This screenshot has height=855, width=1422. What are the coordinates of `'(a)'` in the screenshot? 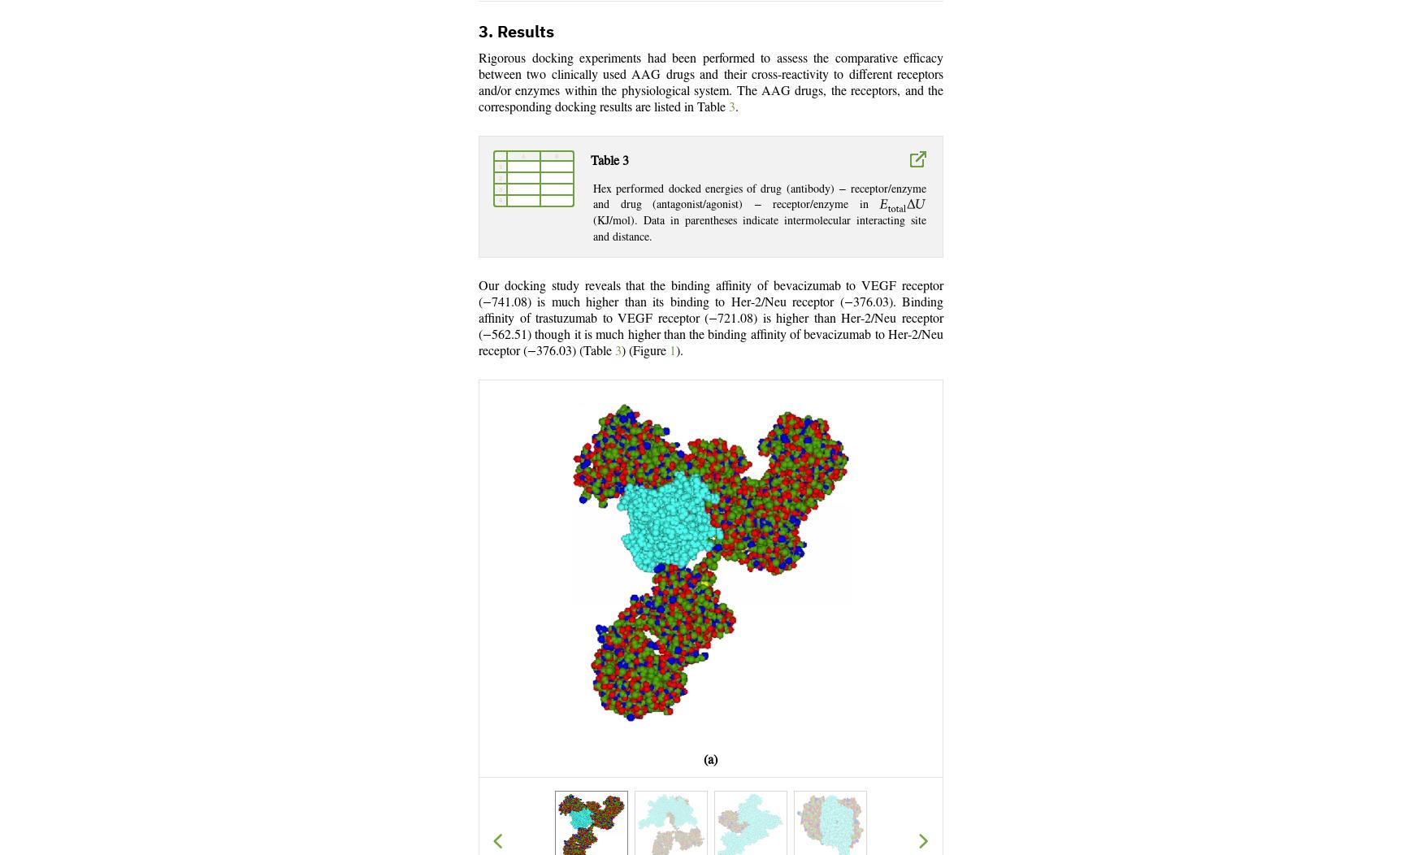 It's located at (710, 759).